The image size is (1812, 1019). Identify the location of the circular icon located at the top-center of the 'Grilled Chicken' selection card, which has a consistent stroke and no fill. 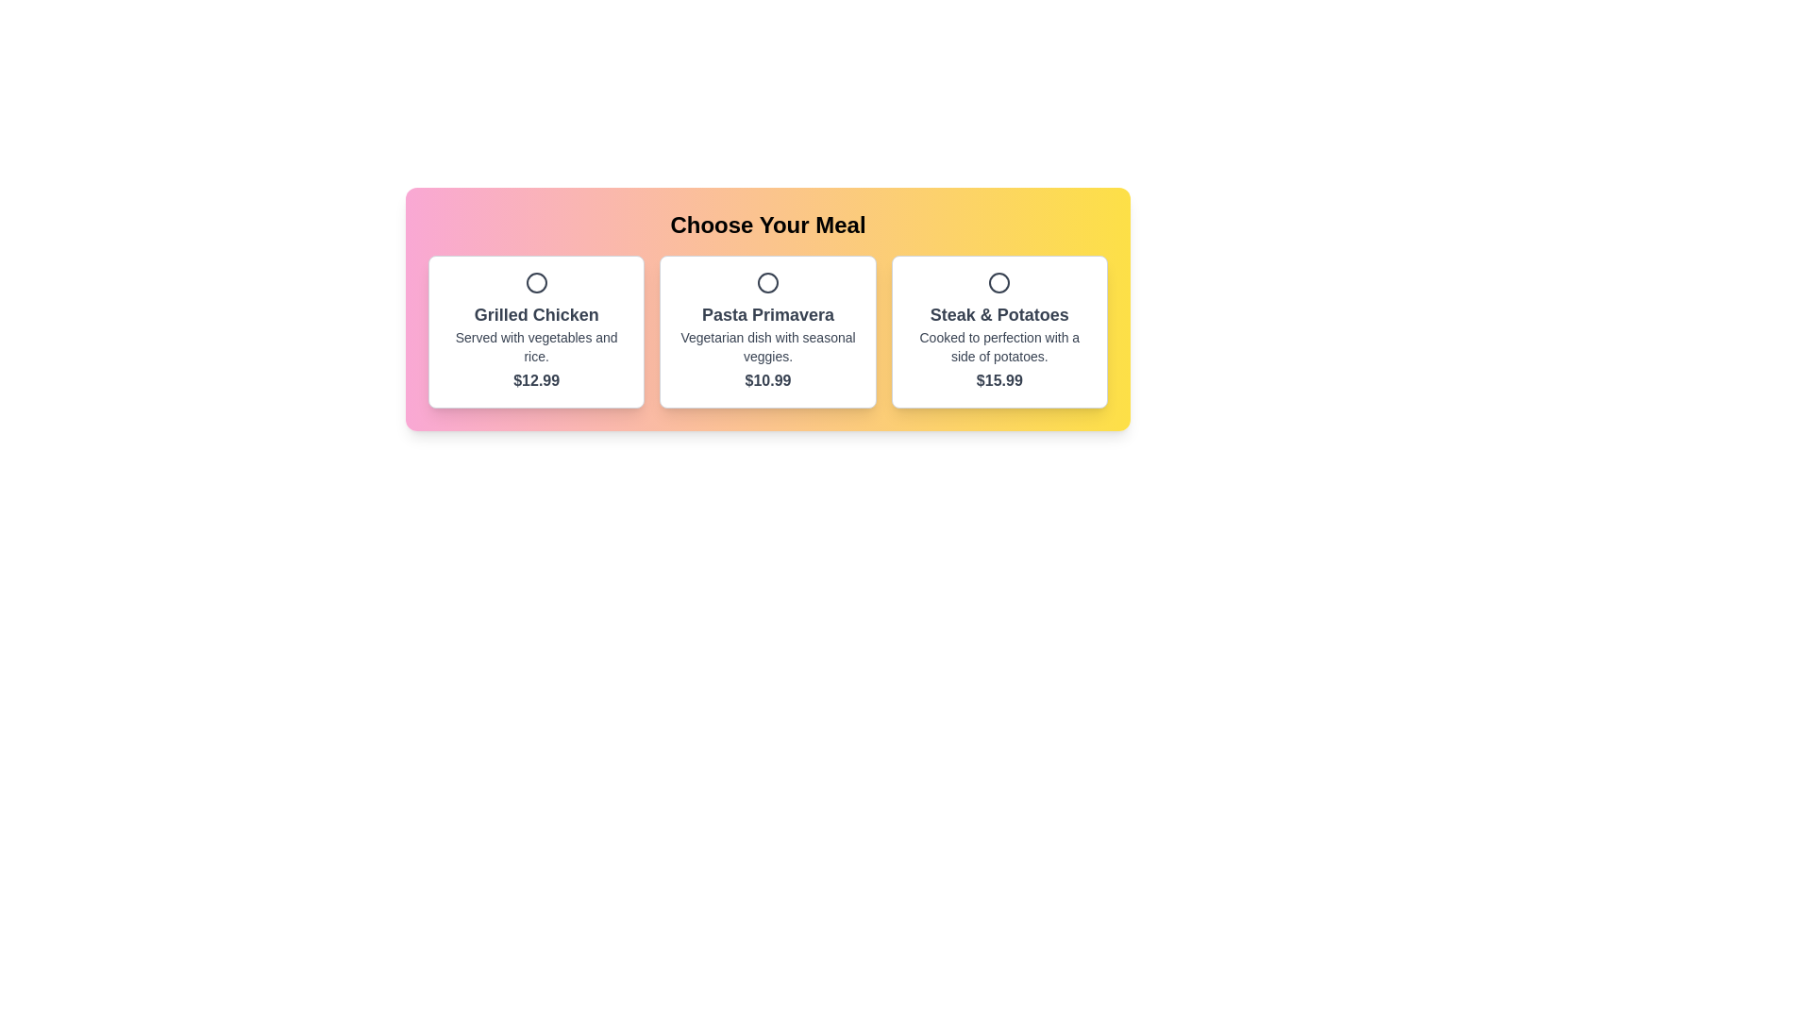
(535, 283).